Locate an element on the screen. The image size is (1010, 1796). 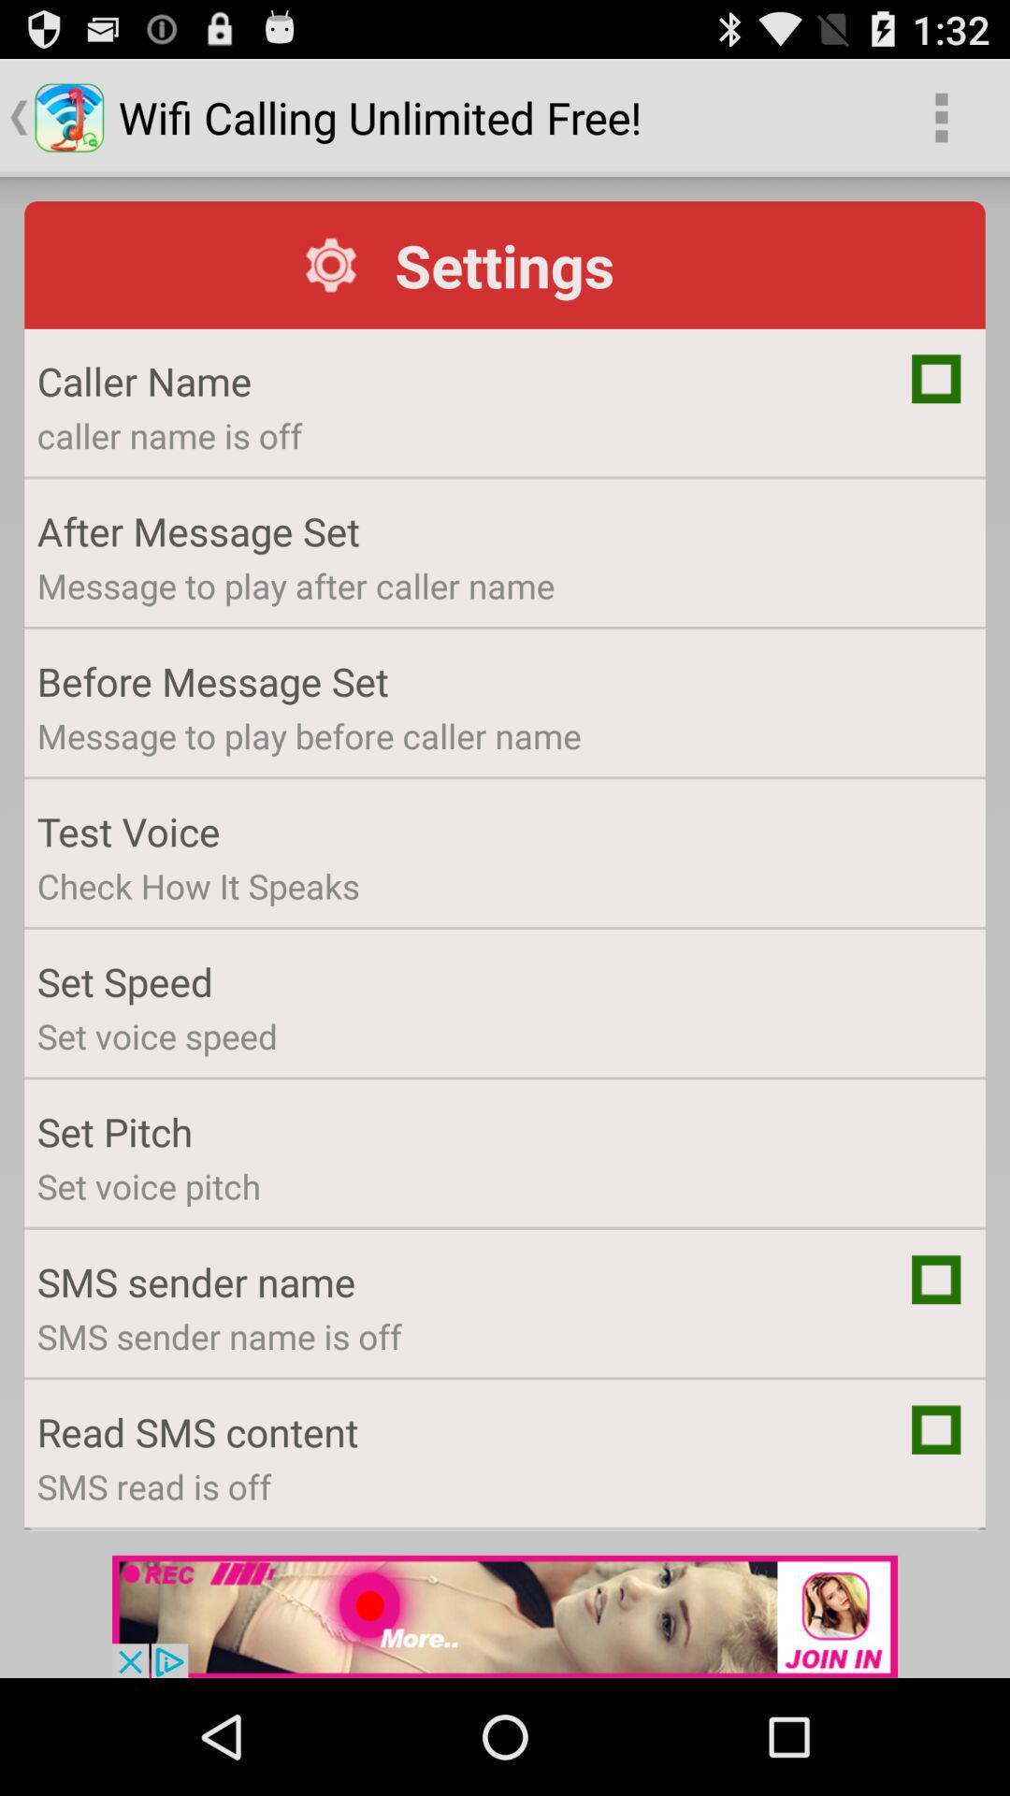
display caller name is located at coordinates (936, 377).